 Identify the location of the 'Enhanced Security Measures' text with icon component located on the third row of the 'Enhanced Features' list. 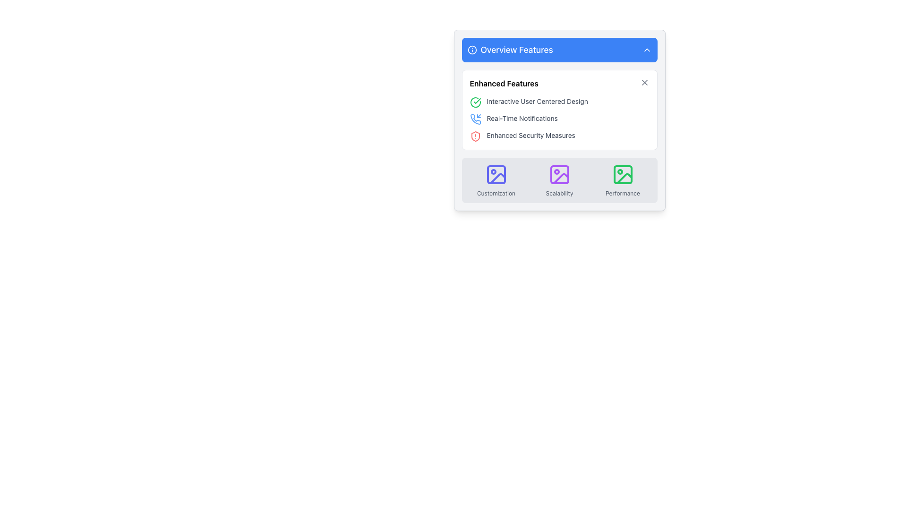
(559, 136).